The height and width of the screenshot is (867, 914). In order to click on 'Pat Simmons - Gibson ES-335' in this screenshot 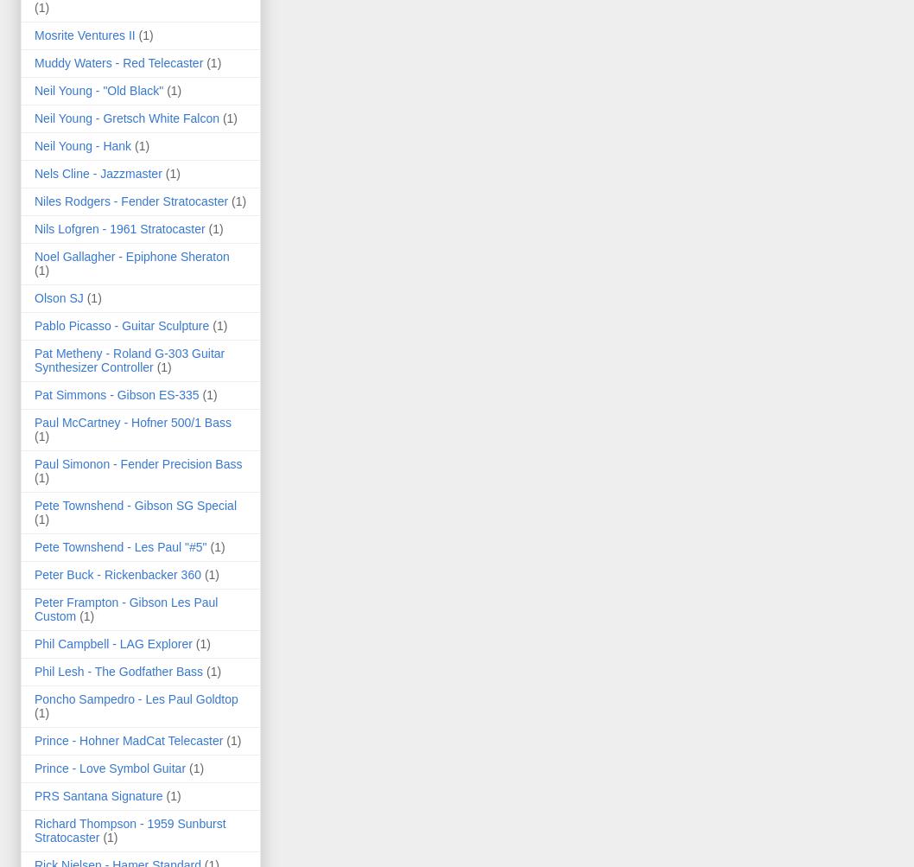, I will do `click(34, 393)`.